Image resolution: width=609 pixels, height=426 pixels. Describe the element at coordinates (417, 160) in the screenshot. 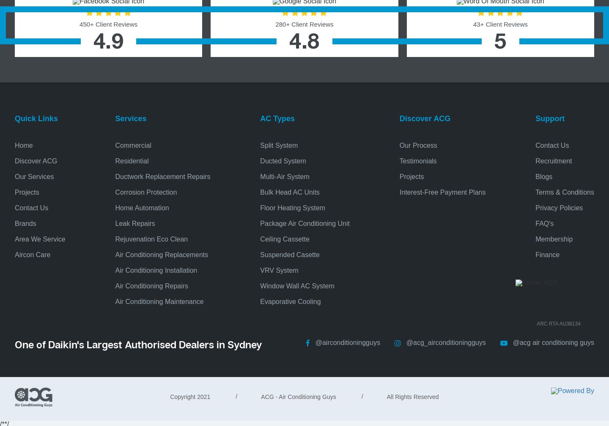

I see `'Testimonials'` at that location.